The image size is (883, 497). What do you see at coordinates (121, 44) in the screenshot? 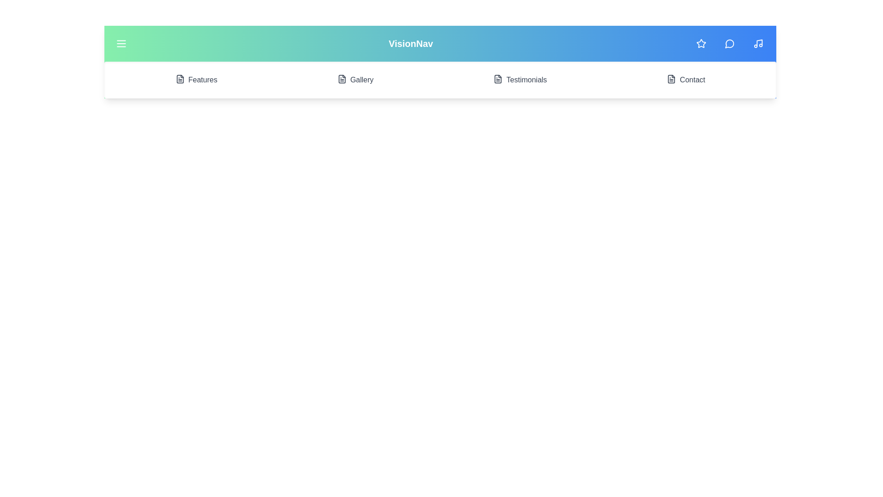
I see `the menu toggle button to toggle the menu visibility` at bounding box center [121, 44].